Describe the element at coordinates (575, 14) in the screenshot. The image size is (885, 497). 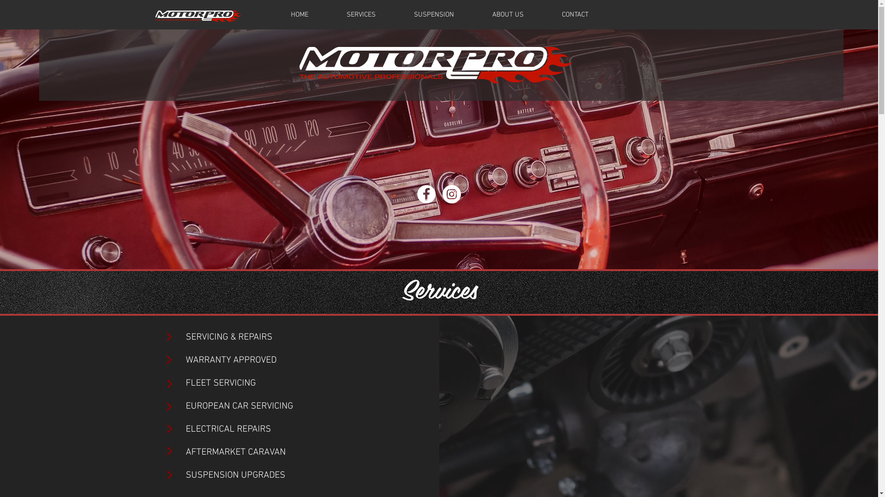
I see `'CONTACT'` at that location.